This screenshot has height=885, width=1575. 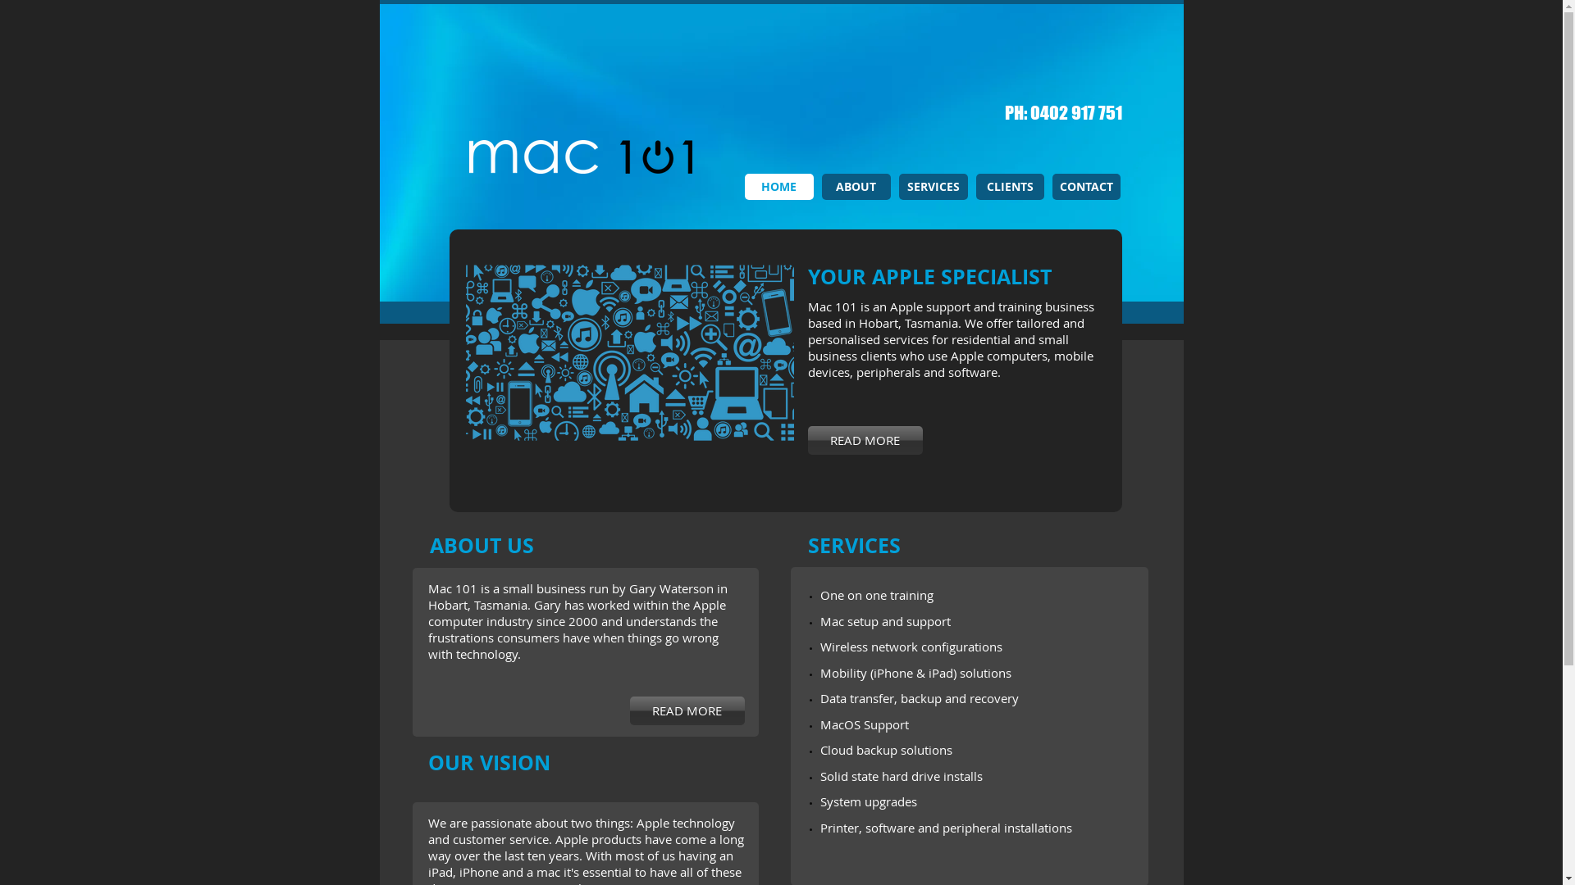 I want to click on 'READ MORE', so click(x=864, y=439).